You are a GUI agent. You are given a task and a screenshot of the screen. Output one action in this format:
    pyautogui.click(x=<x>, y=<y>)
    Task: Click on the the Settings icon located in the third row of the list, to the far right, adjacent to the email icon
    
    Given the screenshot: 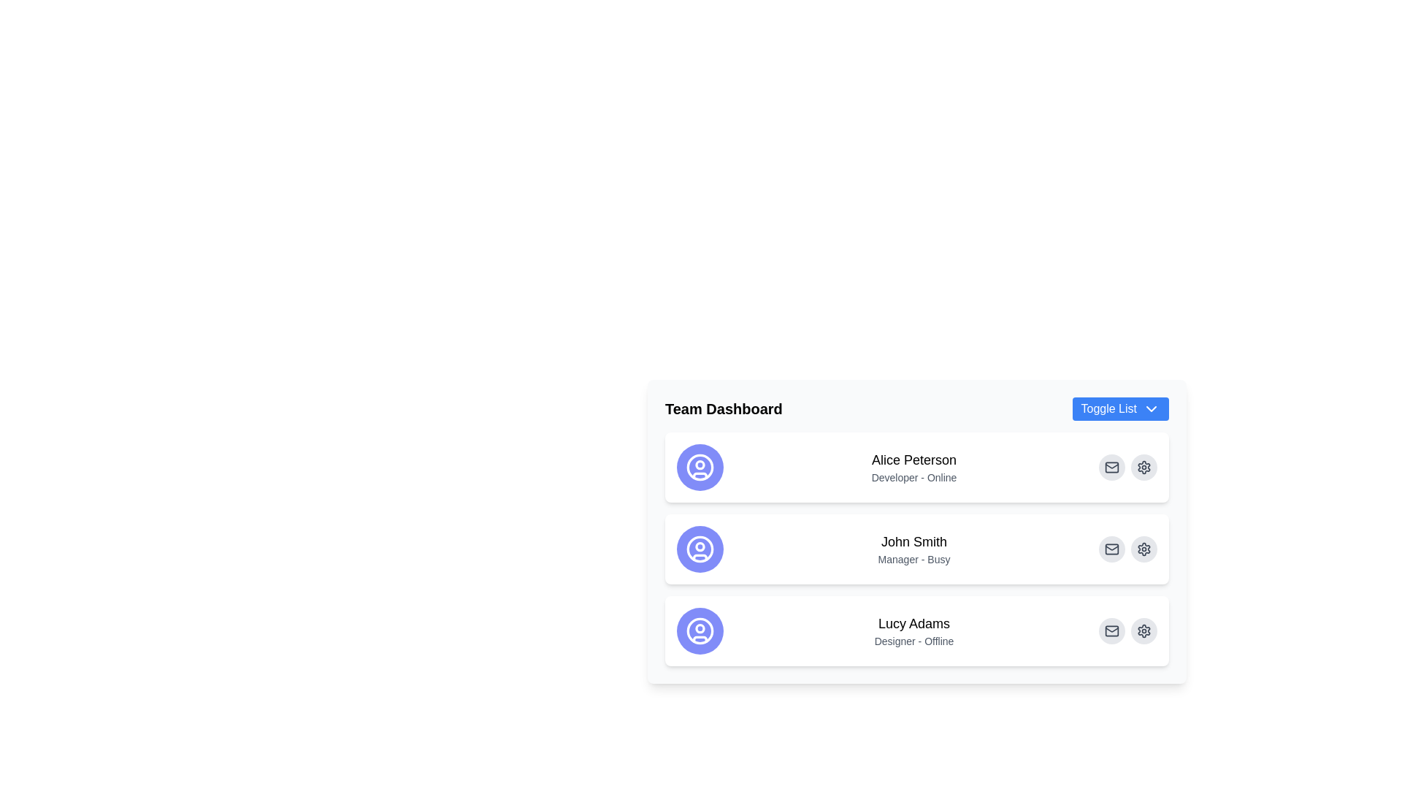 What is the action you would take?
    pyautogui.click(x=1143, y=549)
    